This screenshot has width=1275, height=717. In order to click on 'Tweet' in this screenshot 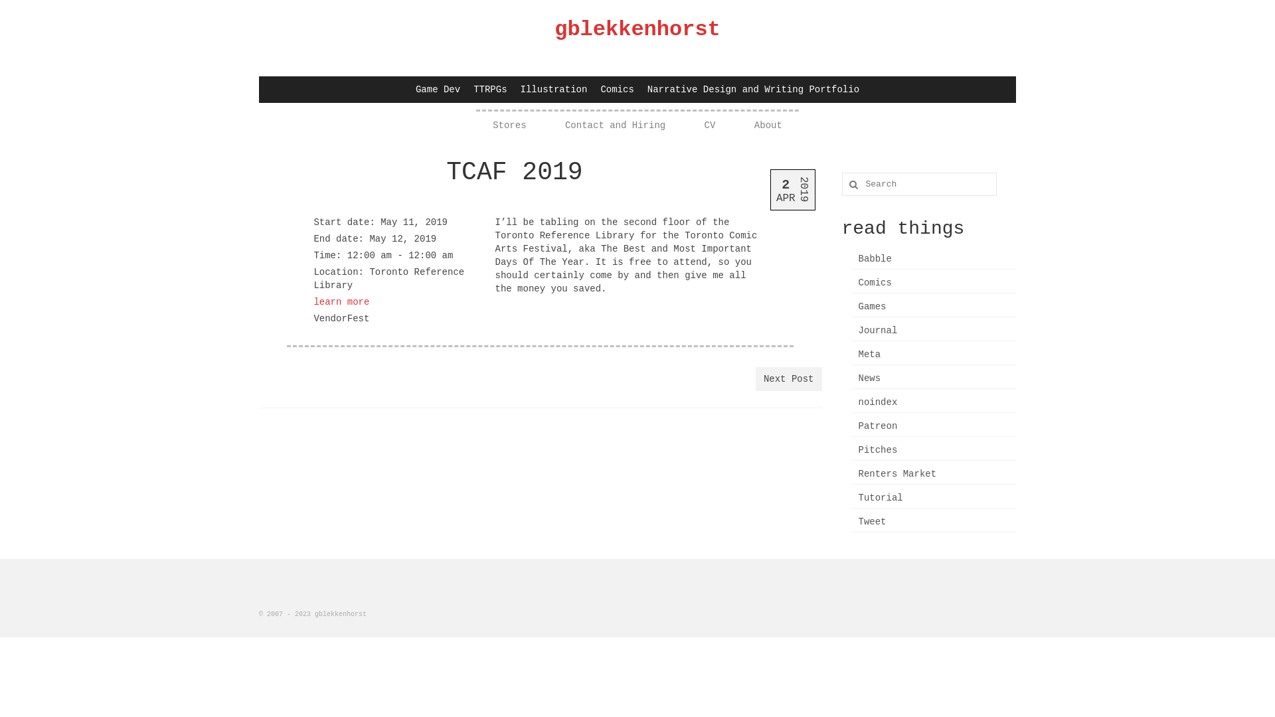, I will do `click(933, 521)`.